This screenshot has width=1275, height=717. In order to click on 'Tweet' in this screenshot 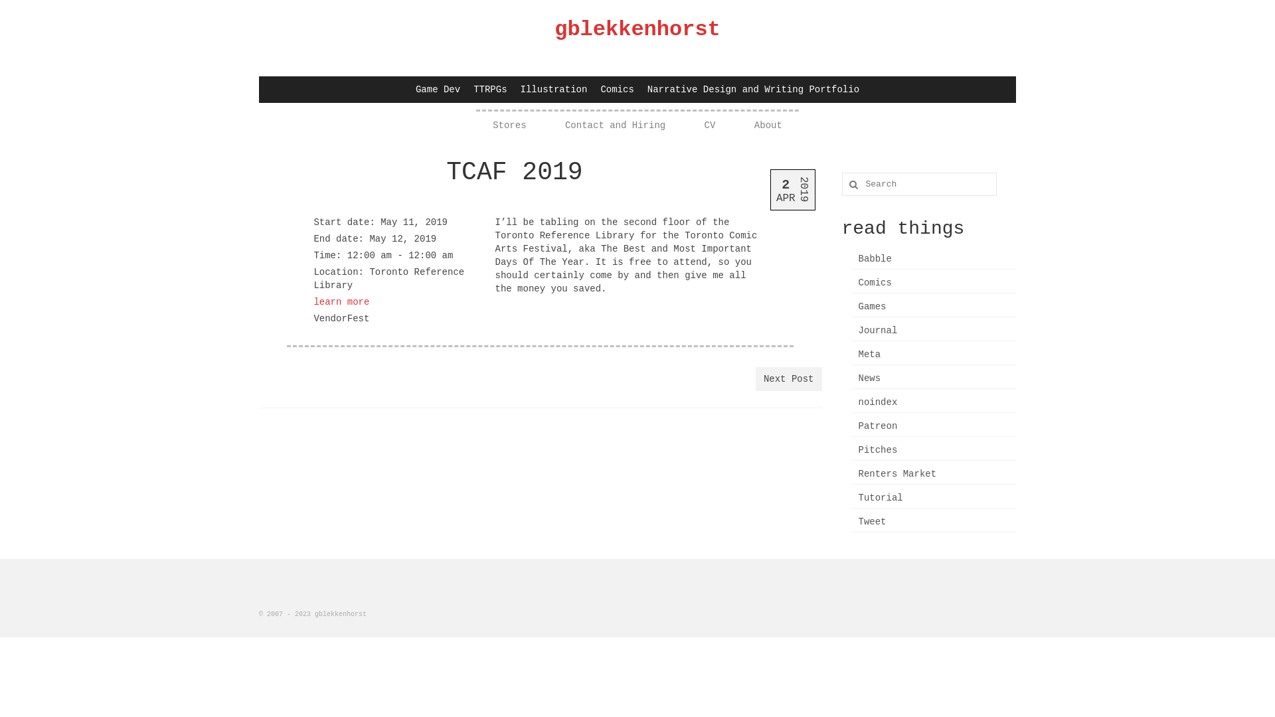, I will do `click(933, 521)`.